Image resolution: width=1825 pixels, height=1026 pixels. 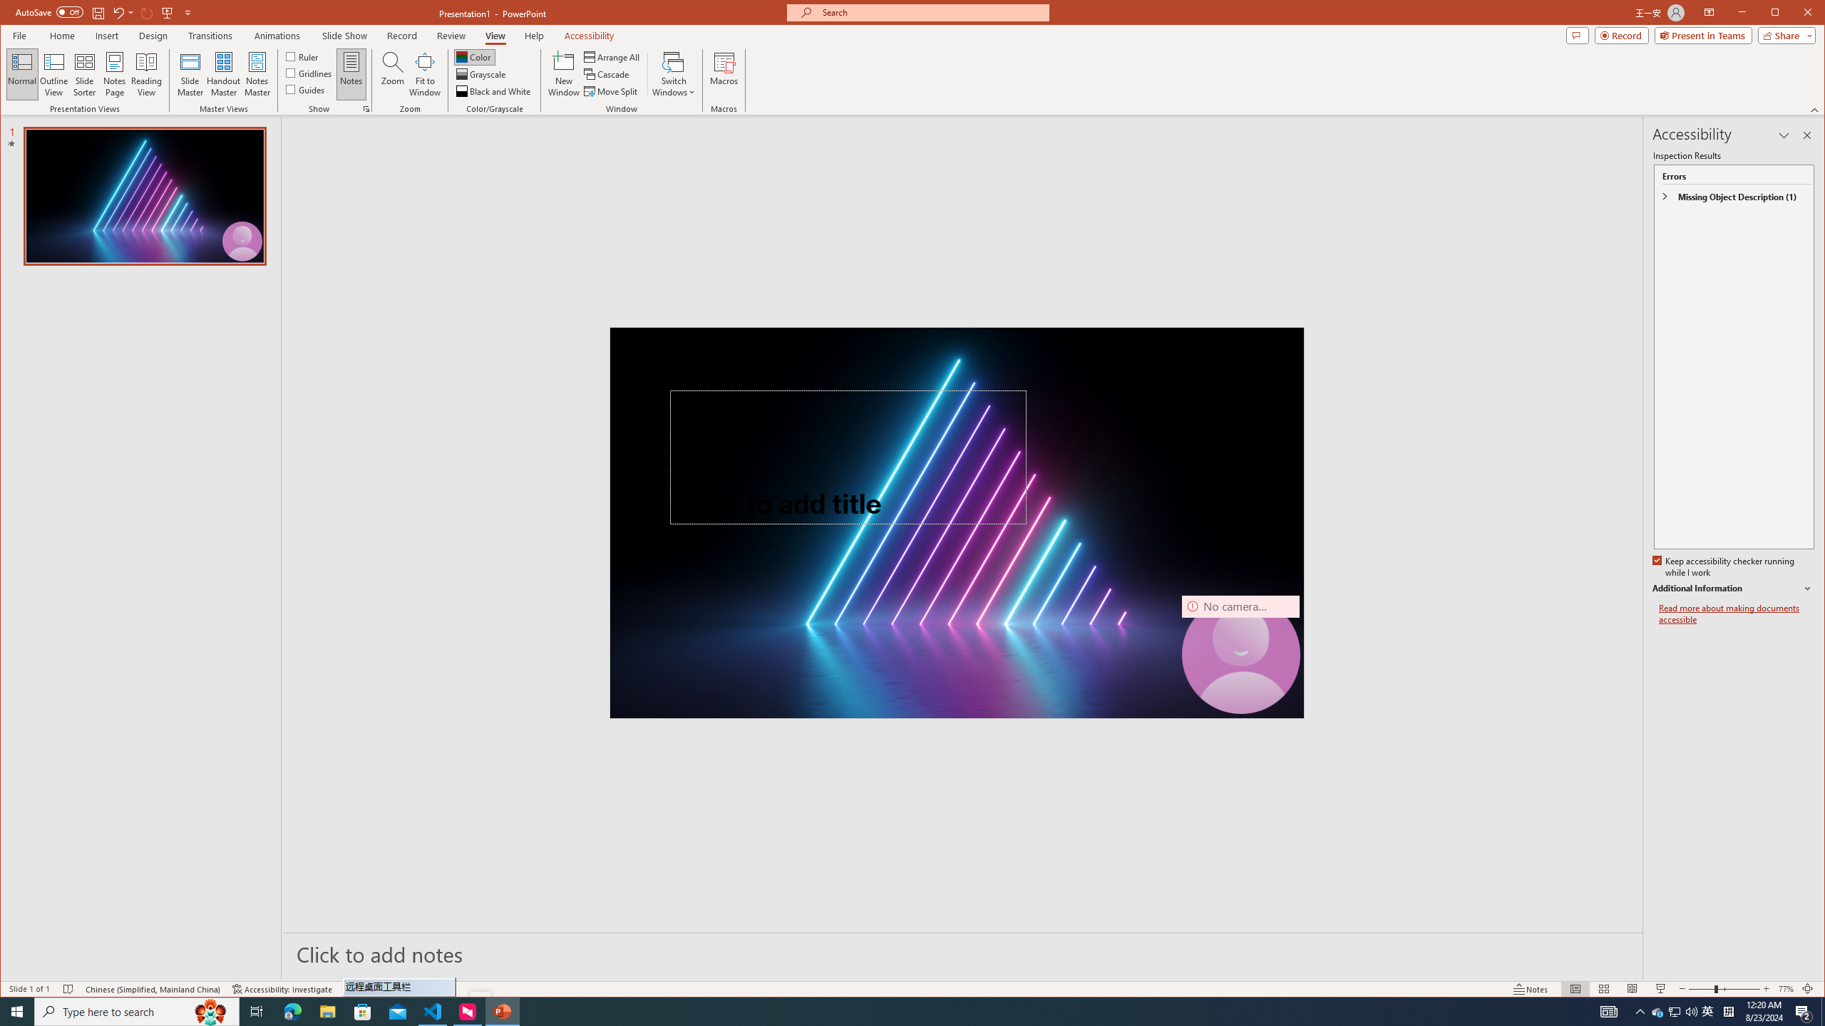 I want to click on 'Gridlines', so click(x=308, y=73).